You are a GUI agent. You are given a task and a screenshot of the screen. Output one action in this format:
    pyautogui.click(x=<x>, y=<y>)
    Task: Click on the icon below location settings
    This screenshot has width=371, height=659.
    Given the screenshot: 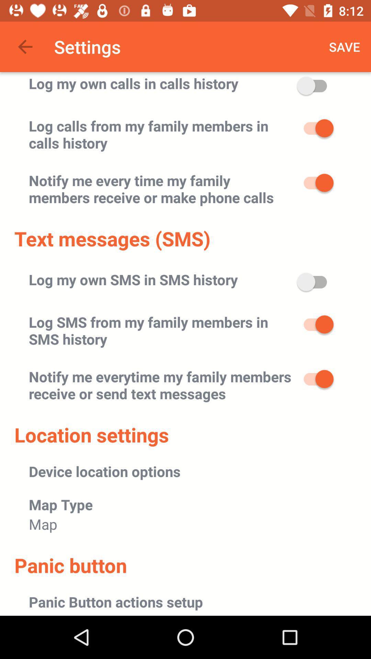 What is the action you would take?
    pyautogui.click(x=104, y=471)
    